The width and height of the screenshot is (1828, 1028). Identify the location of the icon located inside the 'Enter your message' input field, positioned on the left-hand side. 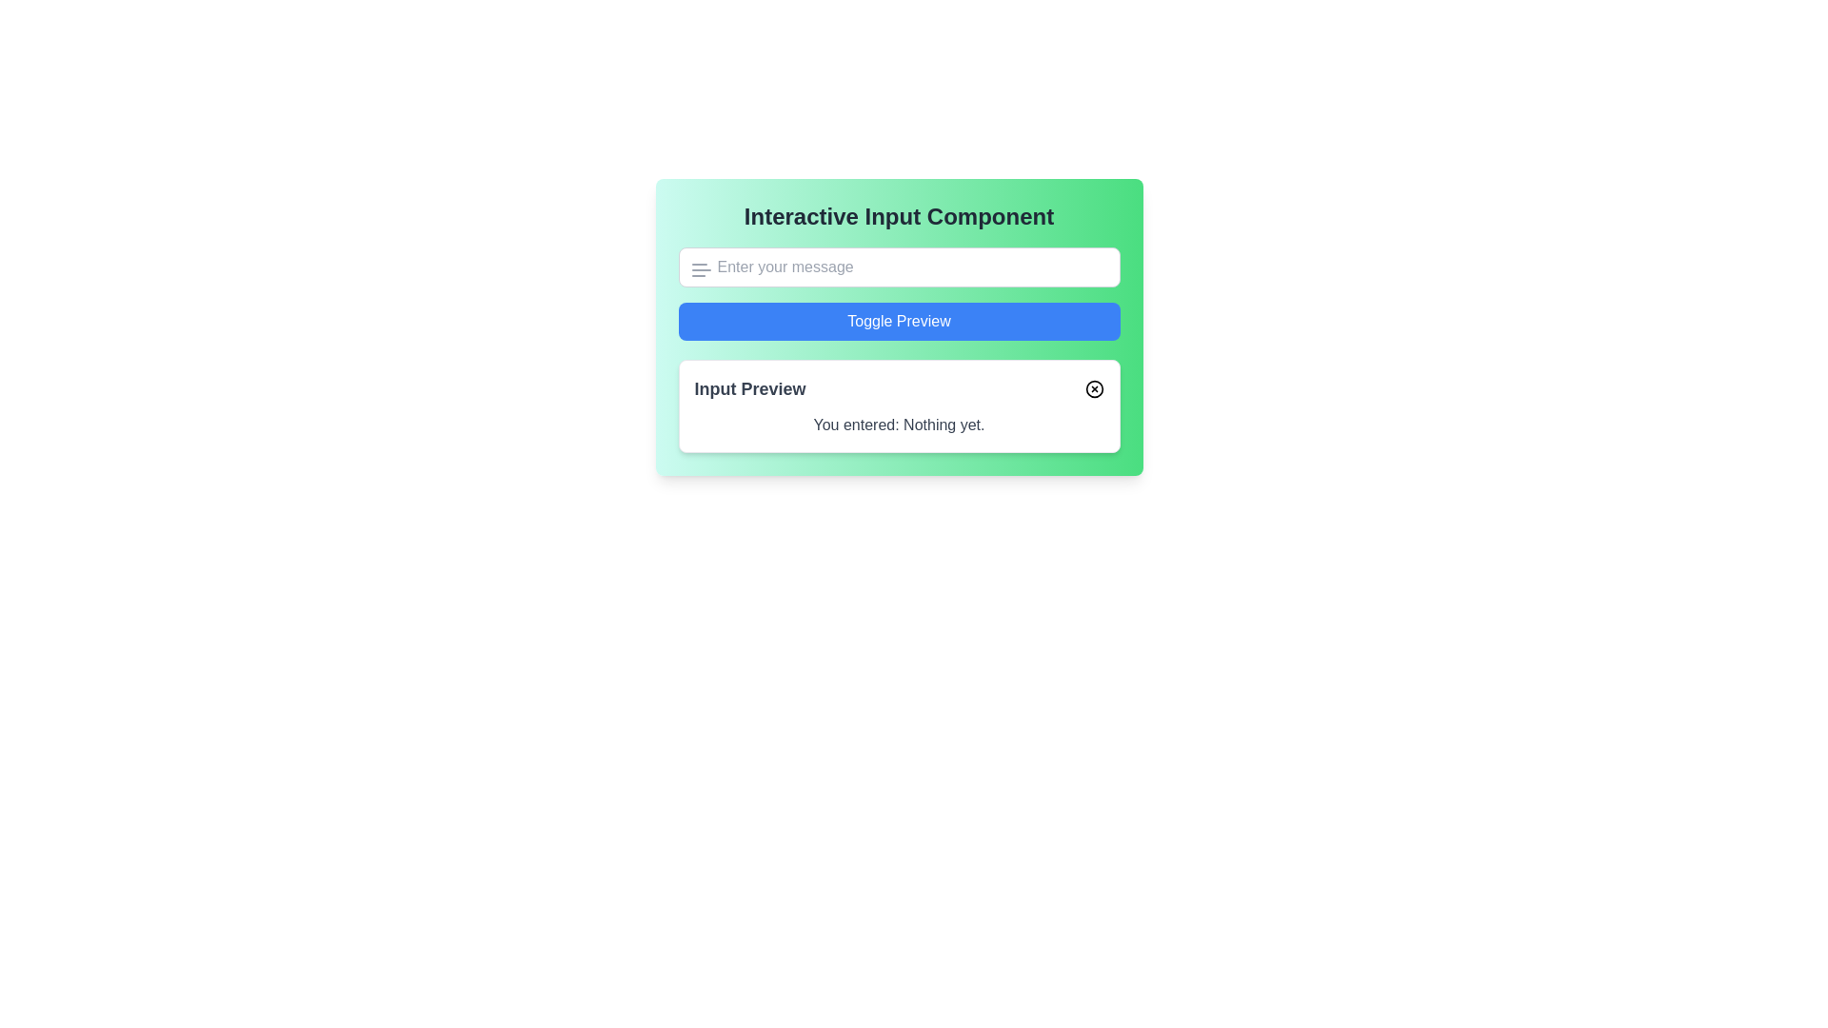
(700, 270).